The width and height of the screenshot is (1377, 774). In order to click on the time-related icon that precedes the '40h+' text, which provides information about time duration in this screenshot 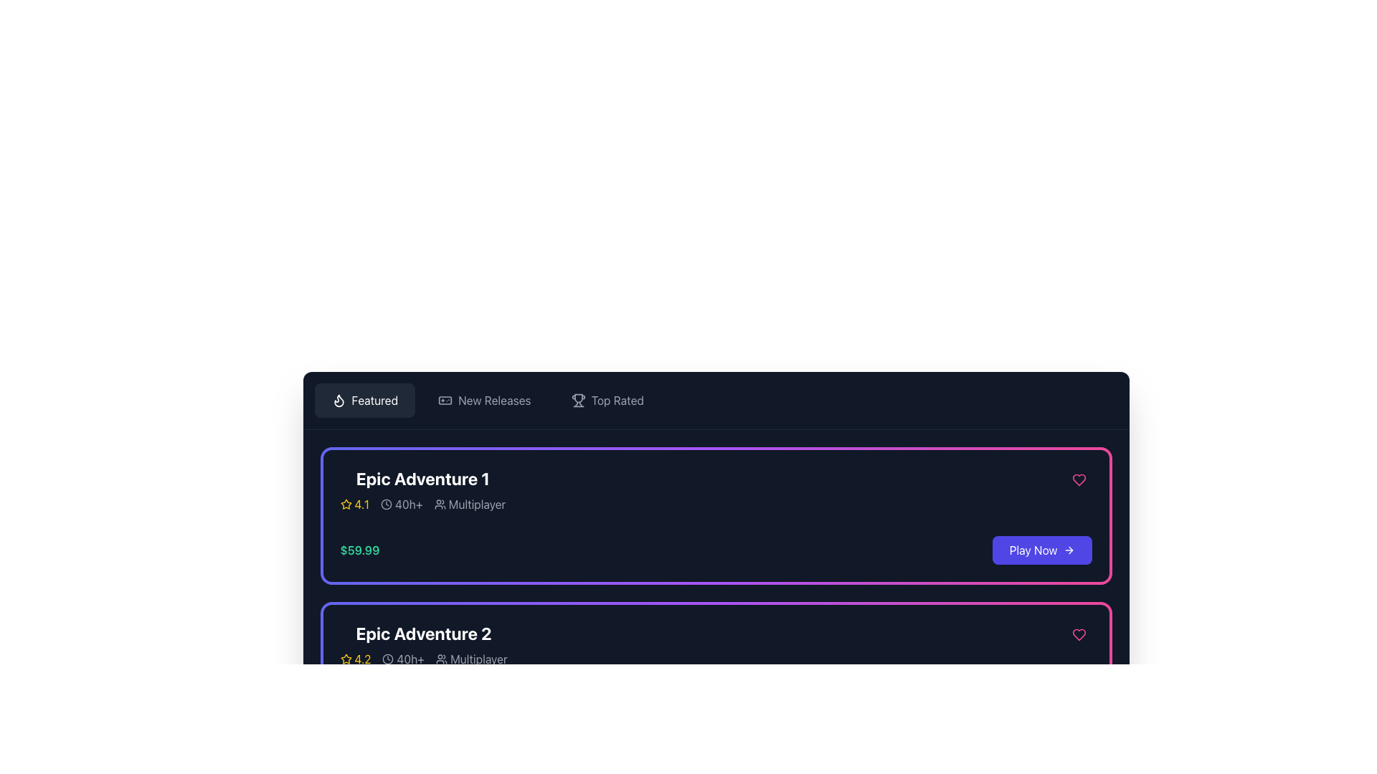, I will do `click(388, 659)`.